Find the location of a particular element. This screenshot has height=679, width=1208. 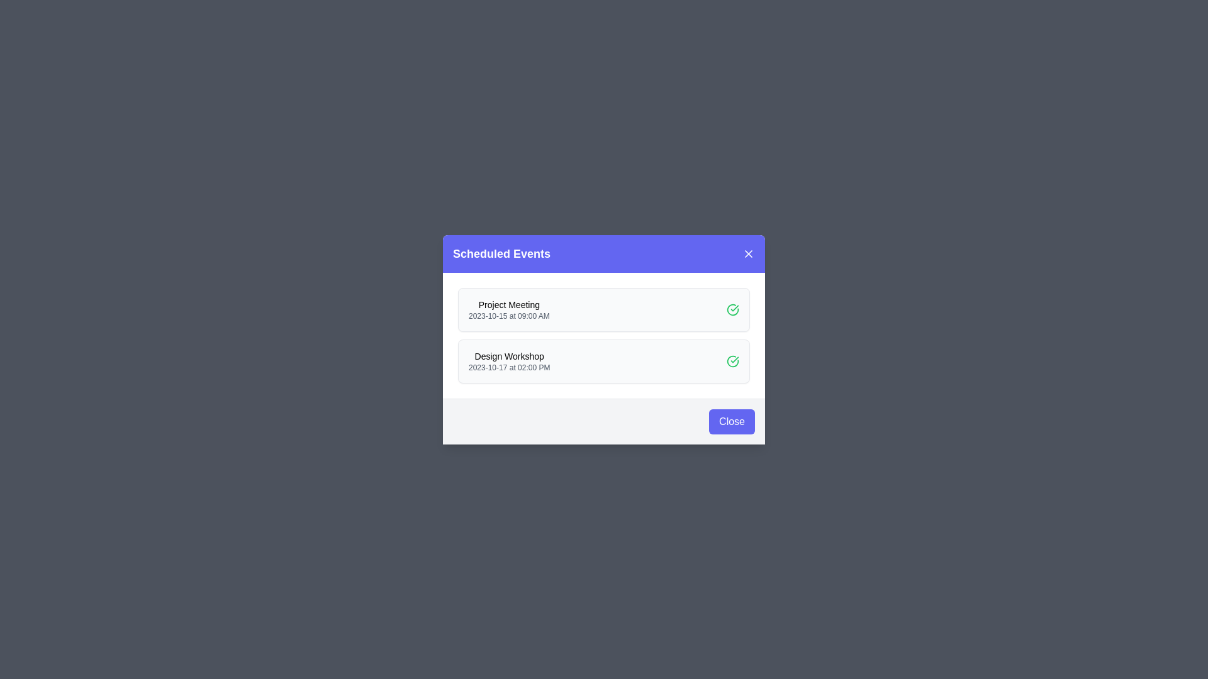

the text label reading 'Design Workshop', which is the title of the second event in the scheduled events list, aligned with its timestamp and checkmark icon is located at coordinates (509, 356).